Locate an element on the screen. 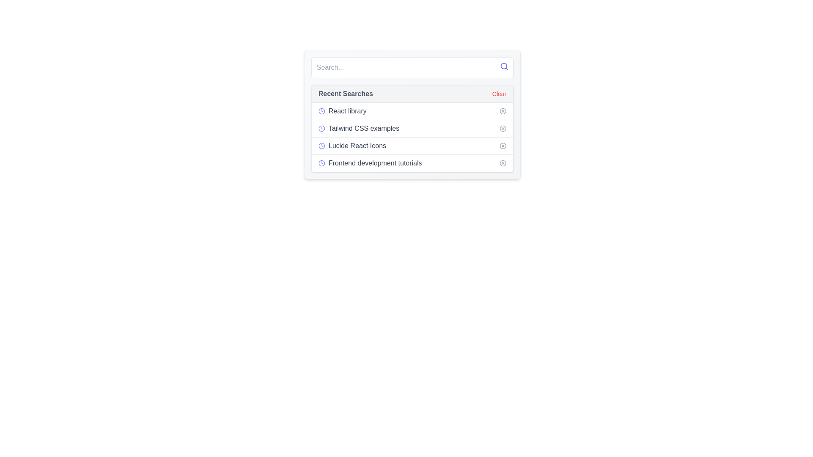  the text entry in the 'Recent Searches' section that displays a search query, which is positioned to the right of a clock icon and is the second item in the list is located at coordinates (364, 129).